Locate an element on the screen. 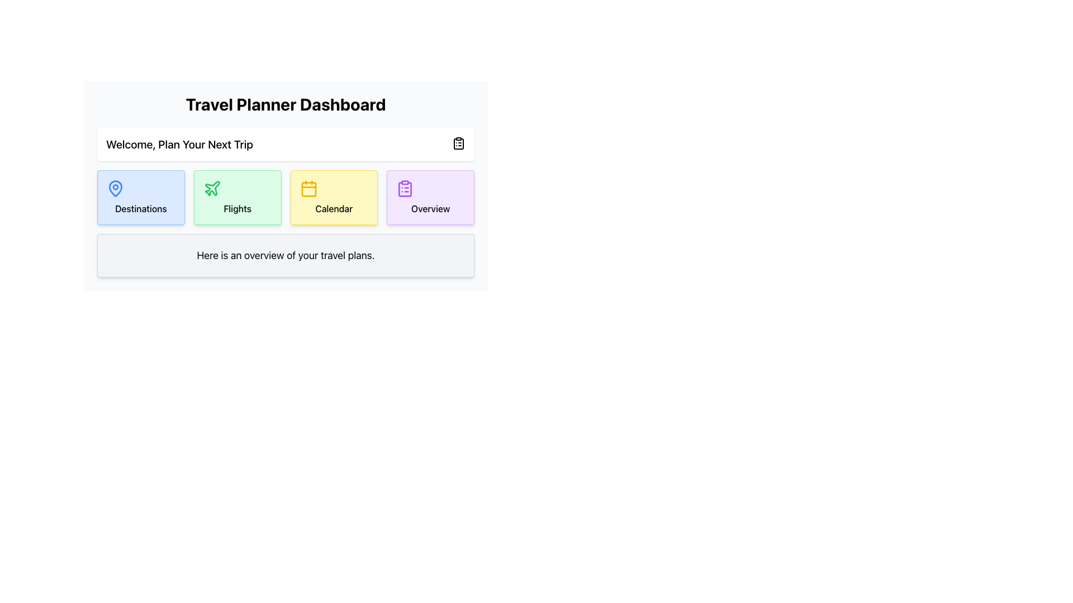  the visual representation of the Flights section icon, which is centered under the text 'Flights' in the main user interface is located at coordinates (212, 188).